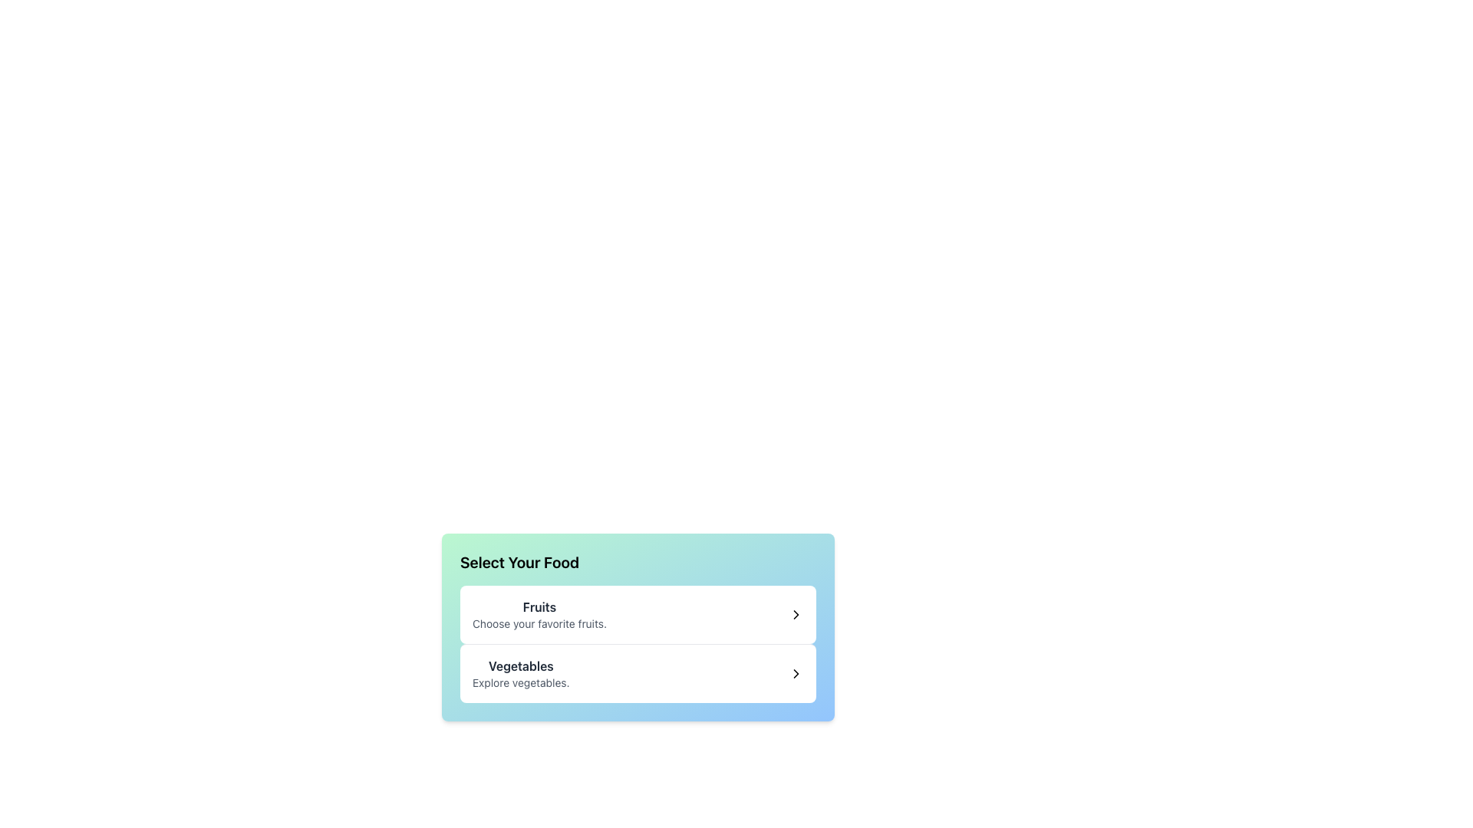 The height and width of the screenshot is (828, 1473). I want to click on the 'Vegetables' text label, which is the second list item in the 'Select Your Food' section, styled with bold semibold dark gray text, so click(521, 665).